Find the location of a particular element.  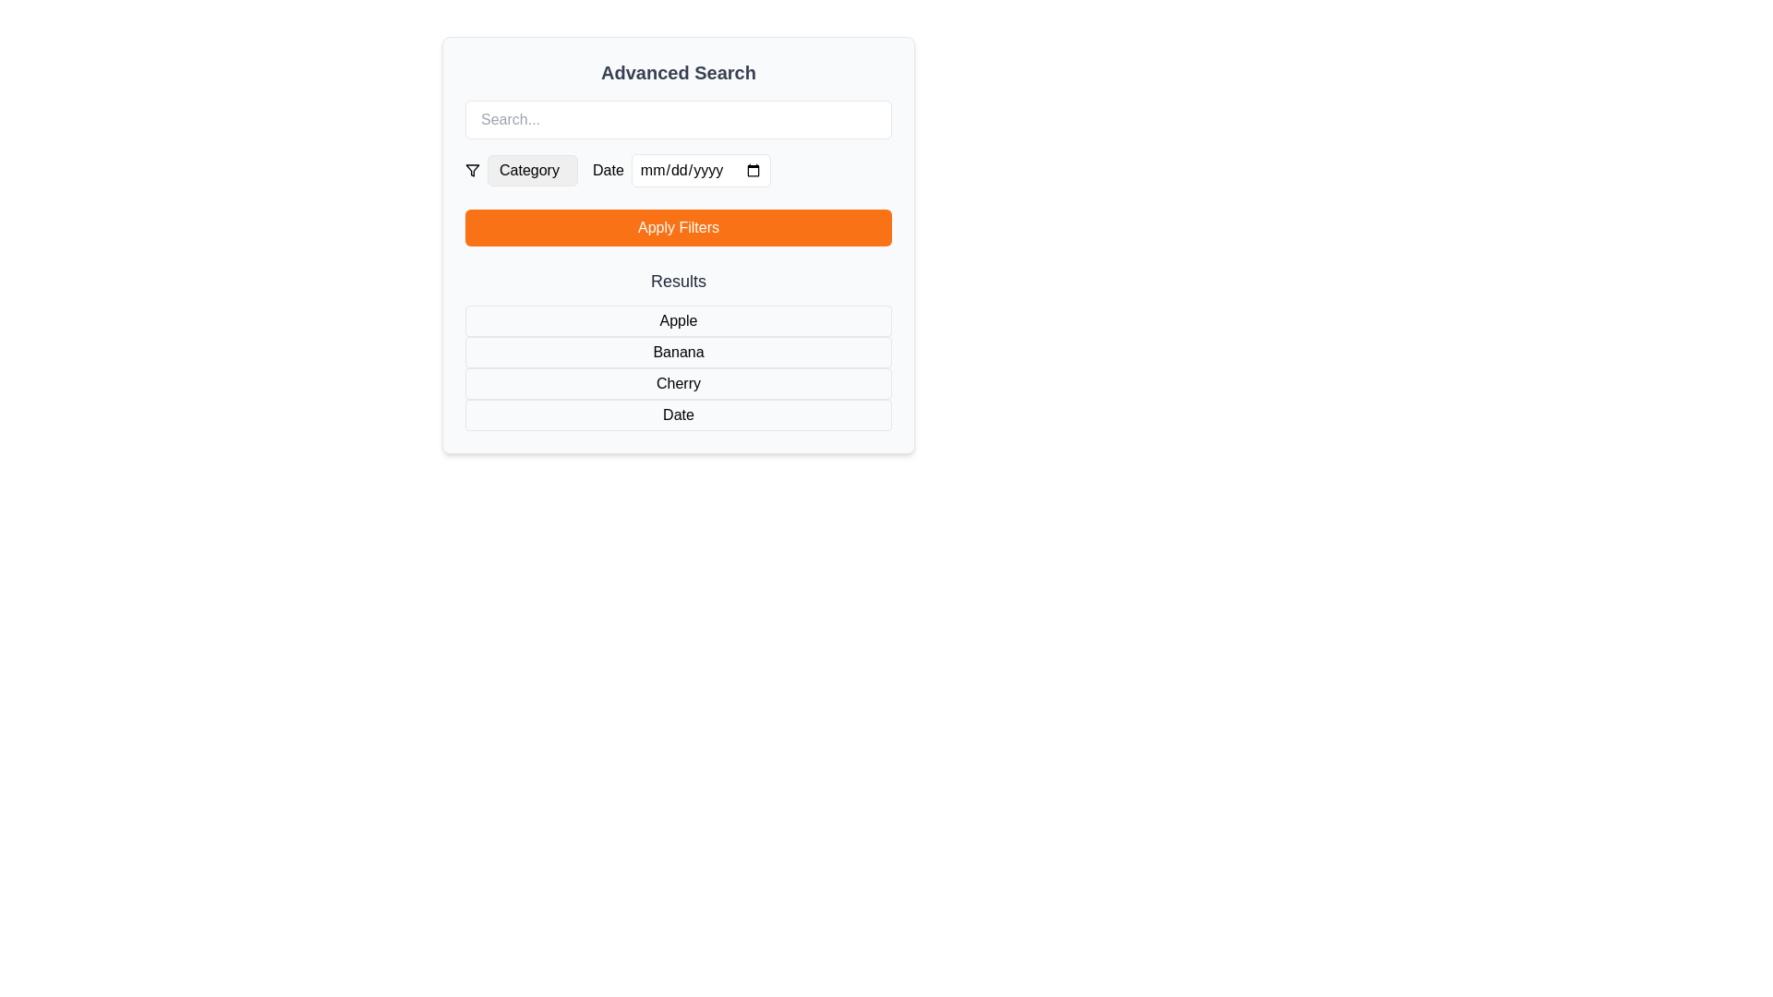

the clickable list item labeled 'Cherry' to trigger the hover effect is located at coordinates (677, 383).